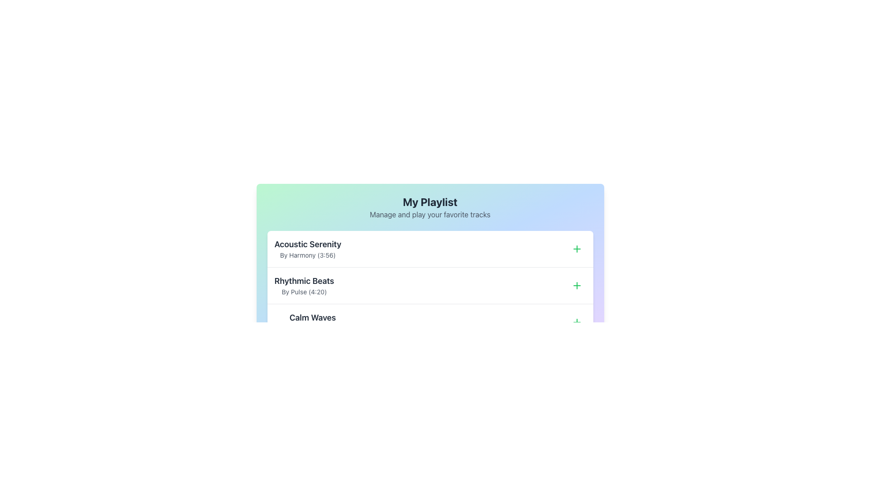  What do you see at coordinates (313, 317) in the screenshot?
I see `the 'Calm Waves' text label, which is displayed in bold, large-sized font in dark gray or black color, prominently positioned on a white background as part of a playlist interface` at bounding box center [313, 317].